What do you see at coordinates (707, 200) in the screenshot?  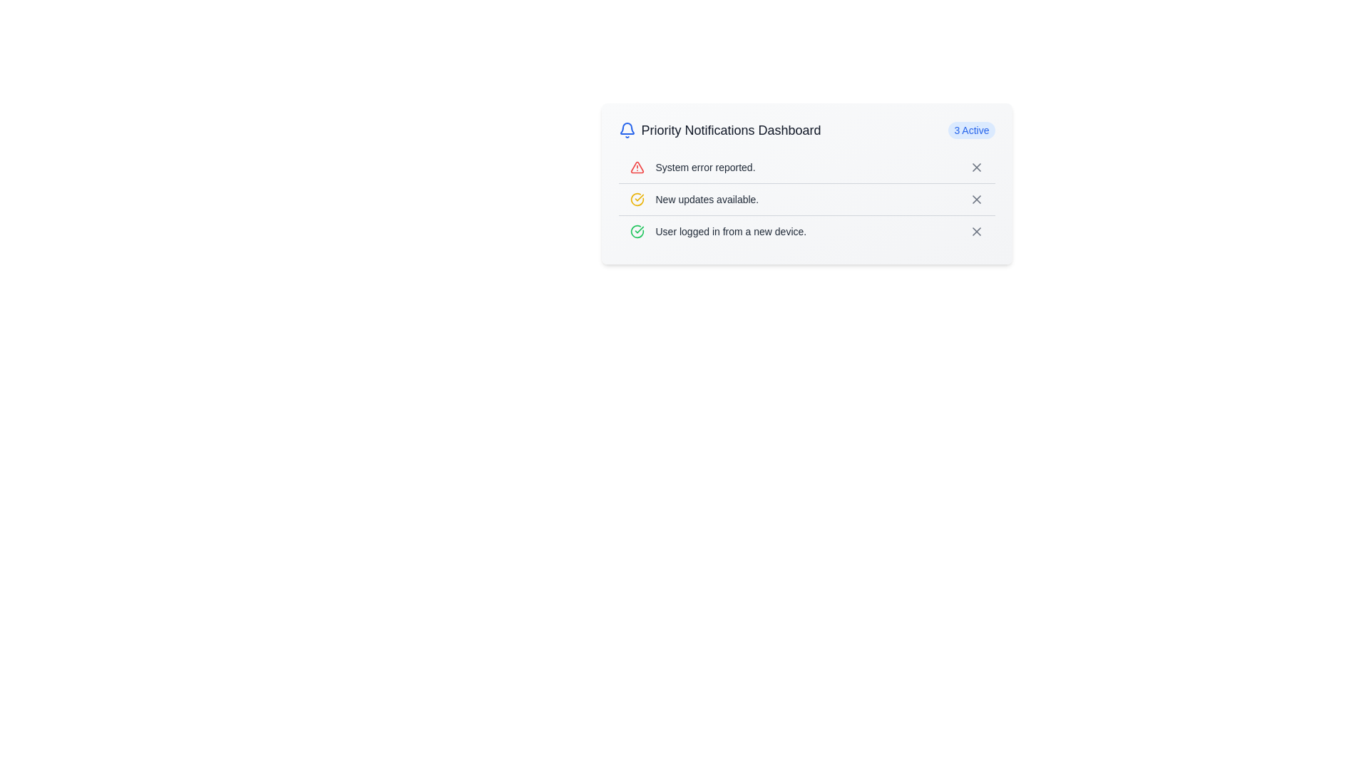 I see `the text label element displaying 'New updates available.' which is positioned in the notification dashboard, second in the list, to the right of a yellow circular icon with a checkmark` at bounding box center [707, 200].